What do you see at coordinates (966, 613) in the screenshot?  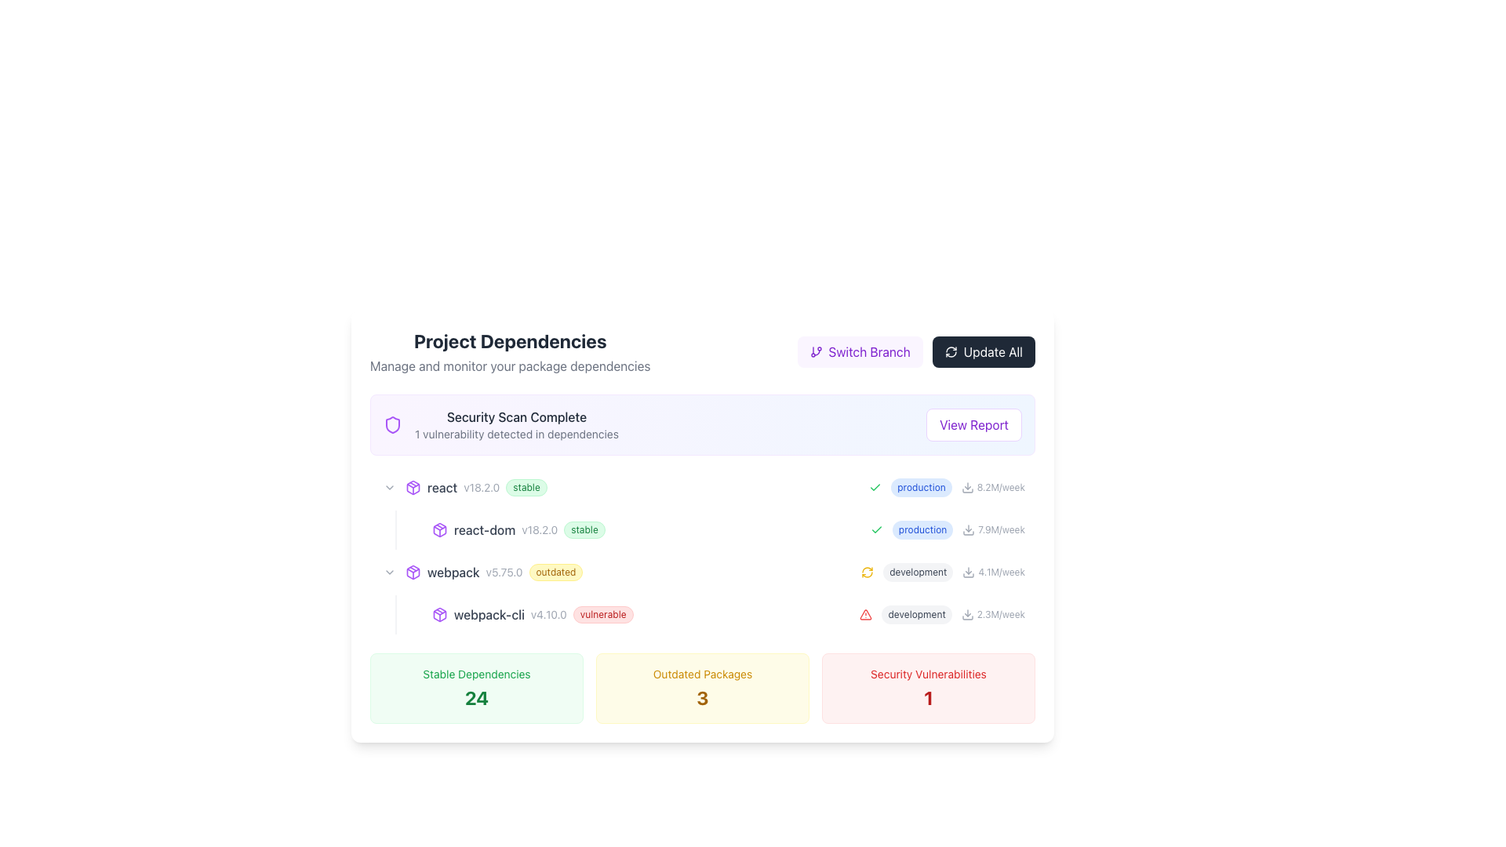 I see `the small downward-pointing arrow icon associated with downloading functionality, located on the right-hand side next to the 'development' label and '2.3M/week' text` at bounding box center [966, 613].